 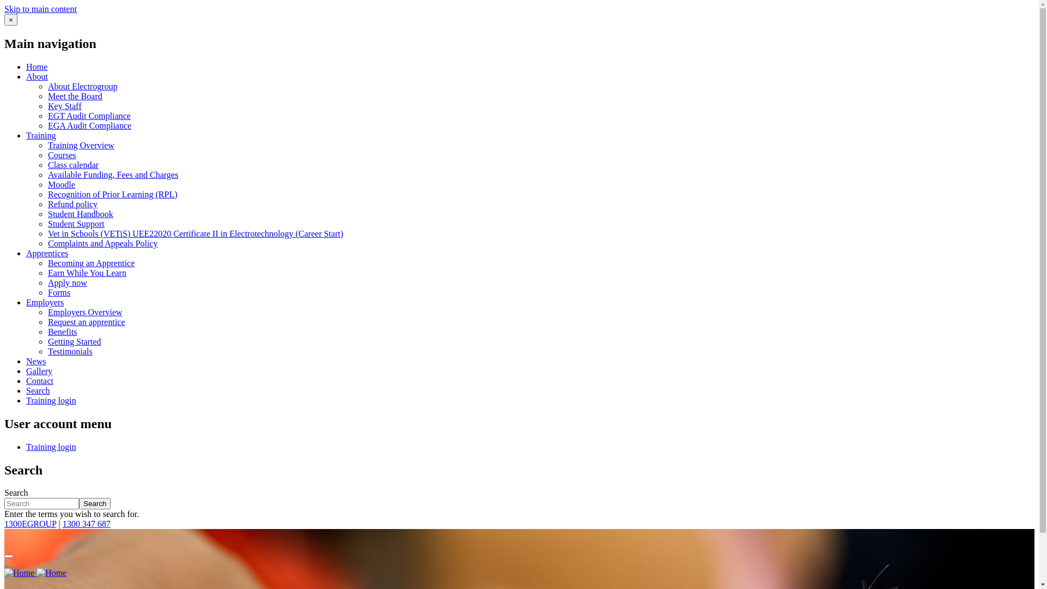 I want to click on 'News', so click(x=36, y=361).